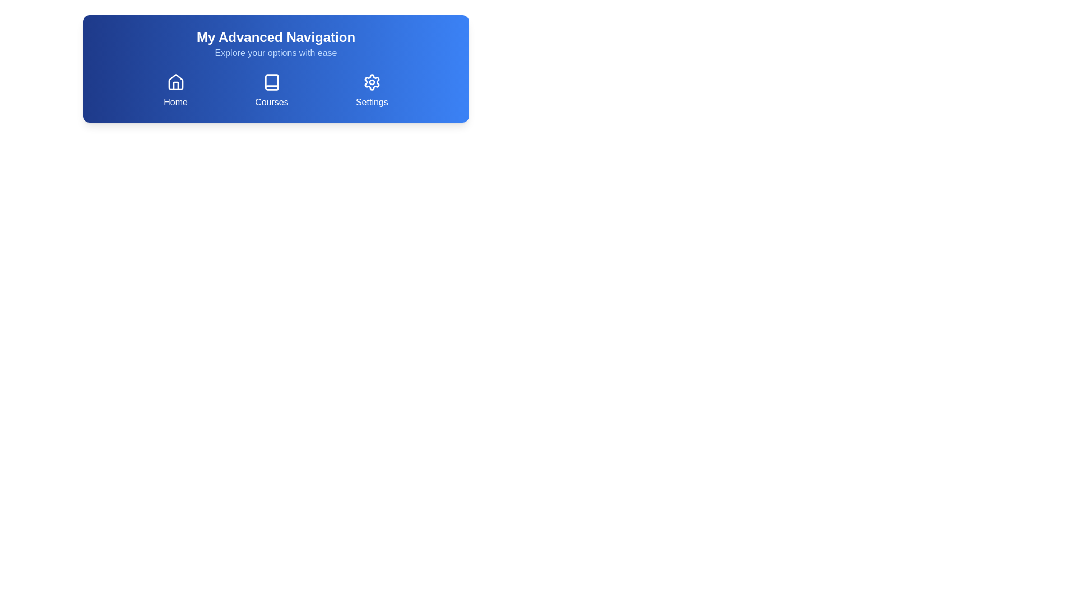  What do you see at coordinates (276, 36) in the screenshot?
I see `the large, bold text element reading 'My Advanced Navigation', which is prominently positioned at the top-central region of the interface with a blue gradient background` at bounding box center [276, 36].